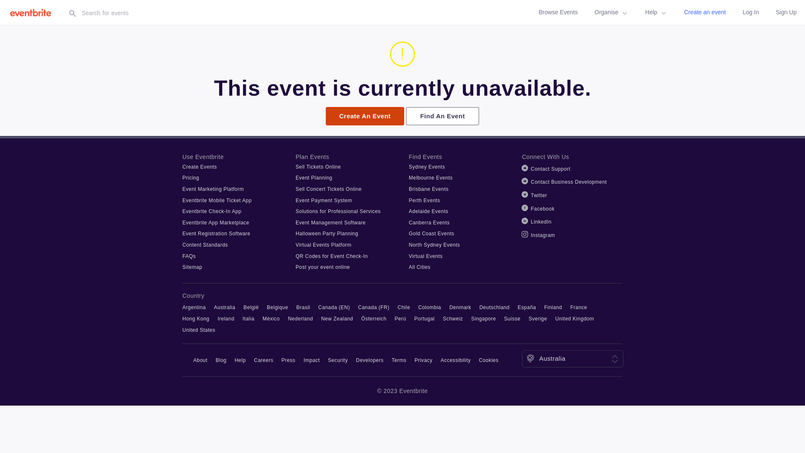 This screenshot has height=453, width=805. Describe the element at coordinates (317, 167) in the screenshot. I see `'Sell Tickets Online'` at that location.